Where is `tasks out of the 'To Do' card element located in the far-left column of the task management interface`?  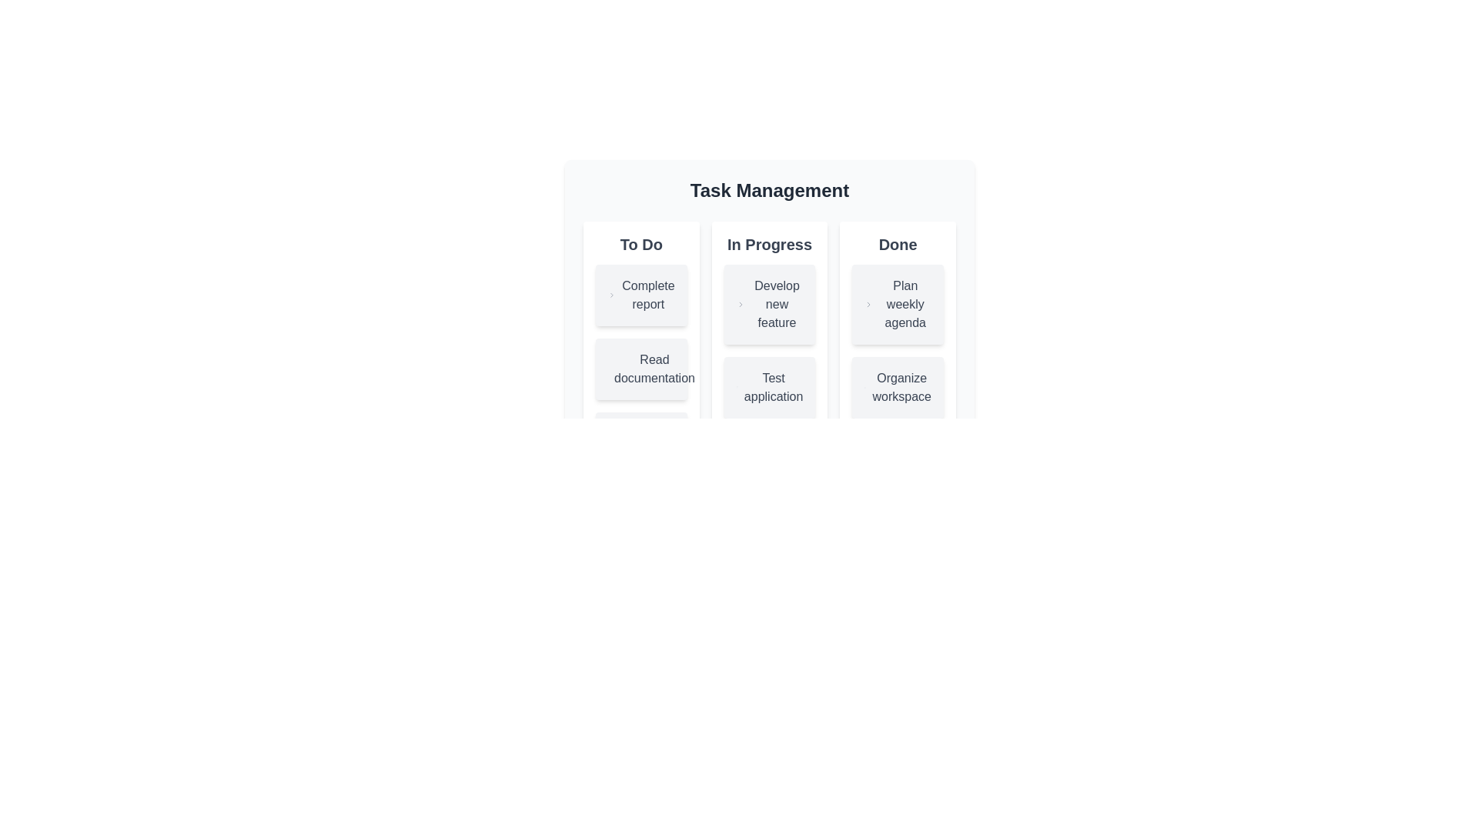
tasks out of the 'To Do' card element located in the far-left column of the task management interface is located at coordinates (641, 362).